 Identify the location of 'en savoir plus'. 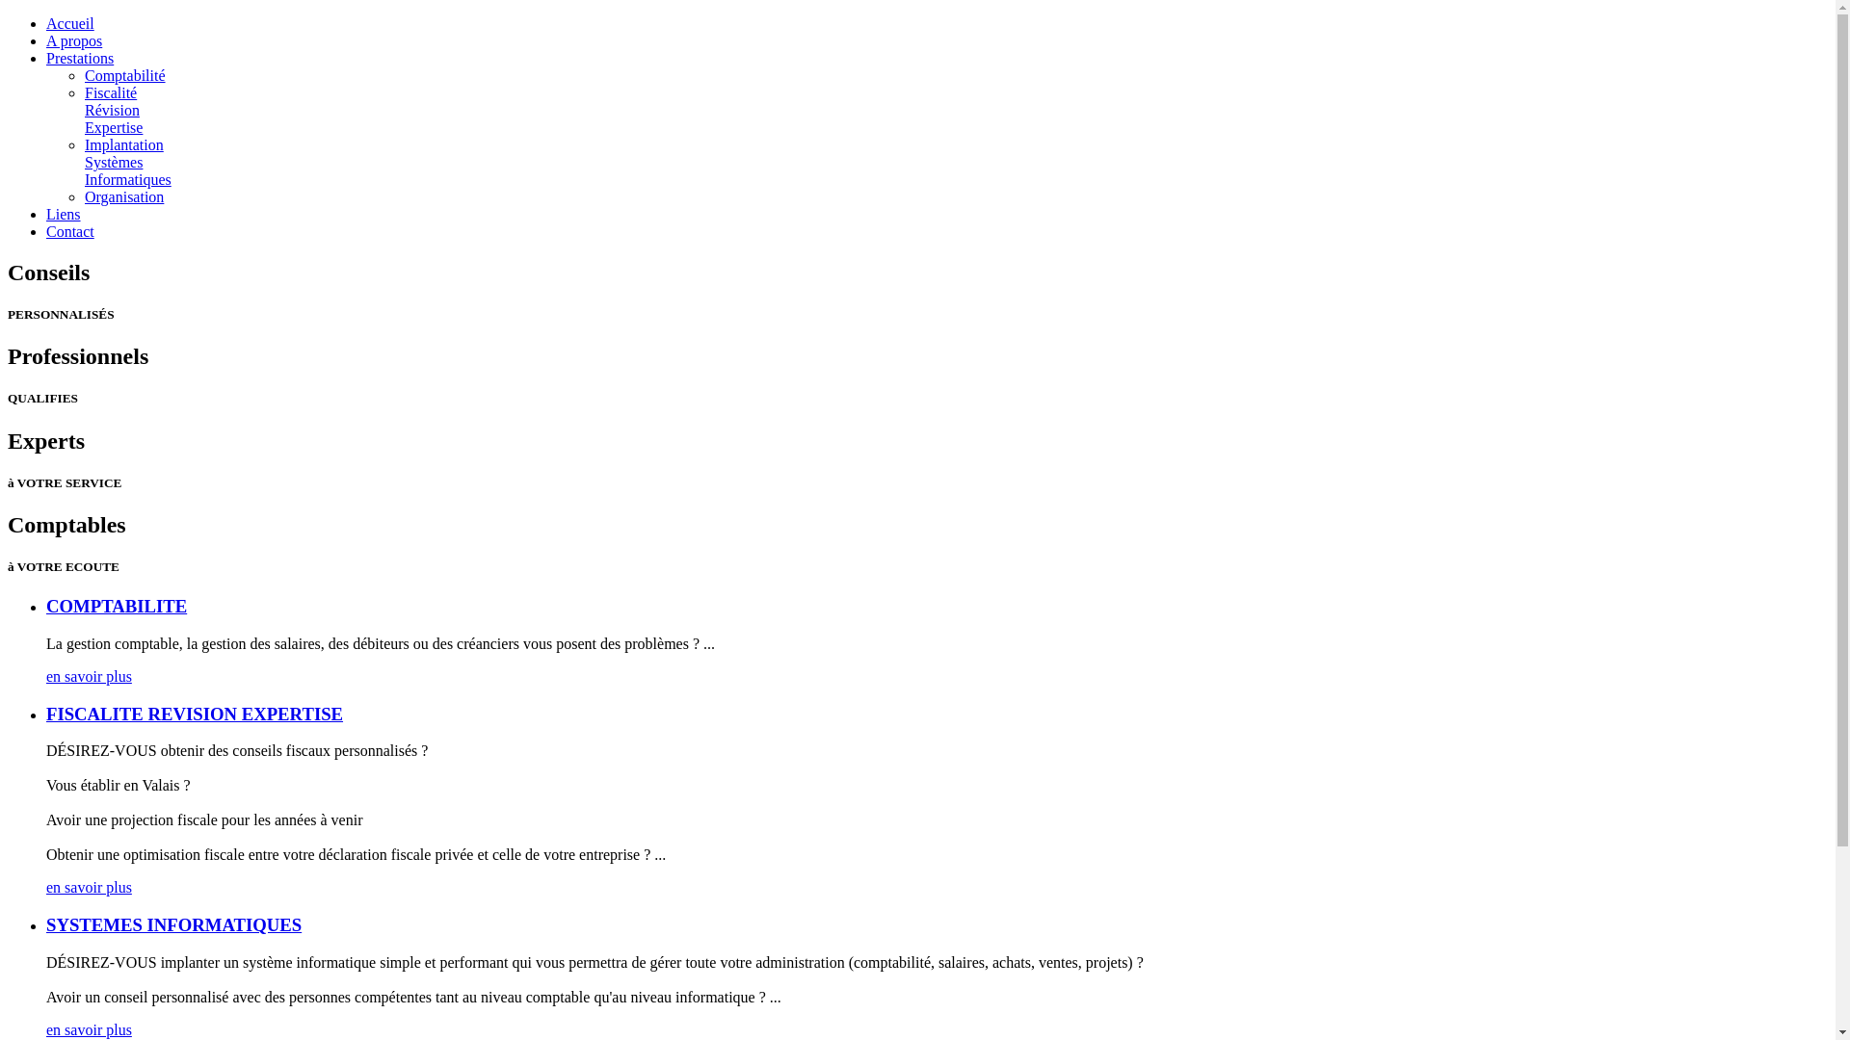
(88, 1028).